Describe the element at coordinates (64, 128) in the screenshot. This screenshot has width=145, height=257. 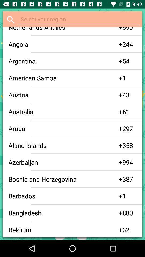
I see `the app next to the + icon` at that location.